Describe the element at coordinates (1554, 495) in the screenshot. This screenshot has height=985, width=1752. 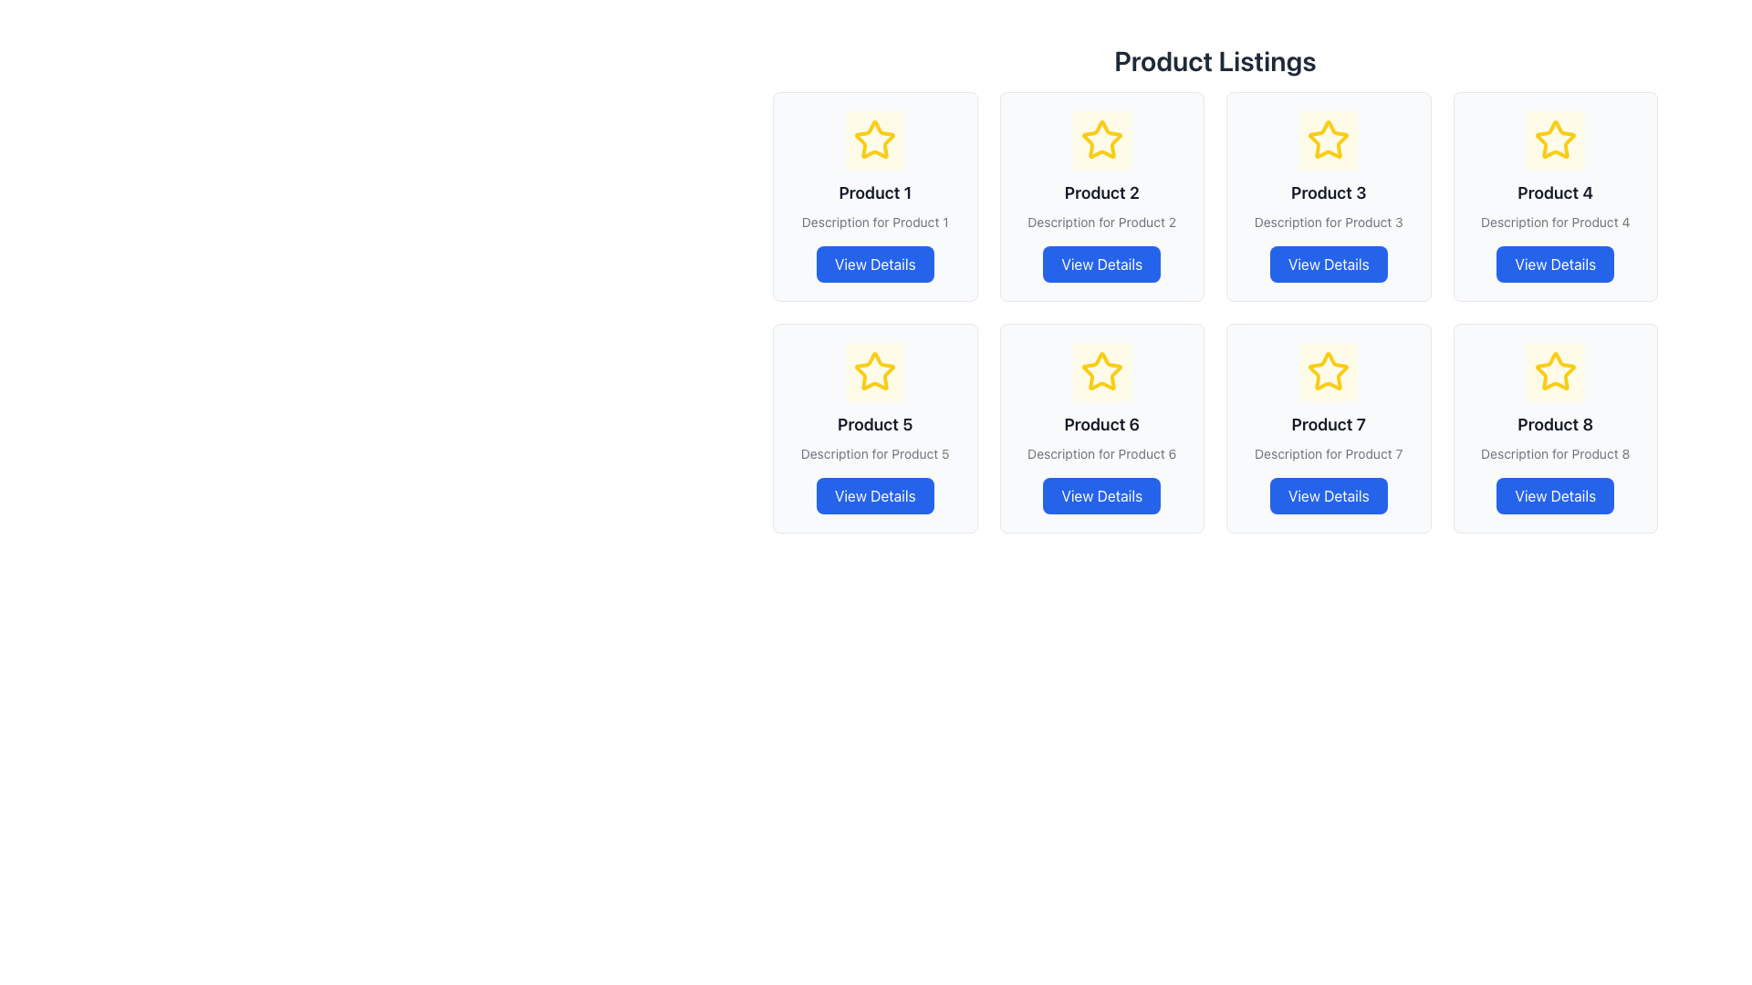
I see `the 'View Details' button located beneath the product description for 'Product 8' to observe the hover effect` at that location.